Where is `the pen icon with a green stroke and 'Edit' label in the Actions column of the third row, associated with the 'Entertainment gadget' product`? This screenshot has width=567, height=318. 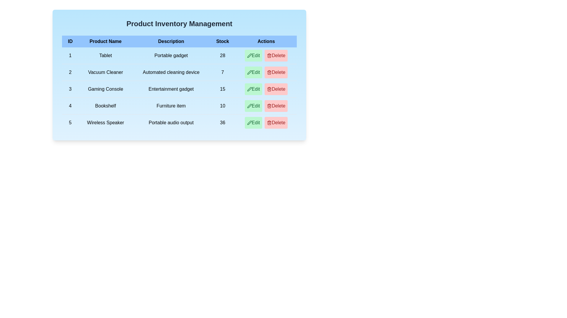
the pen icon with a green stroke and 'Edit' label in the Actions column of the third row, associated with the 'Entertainment gadget' product is located at coordinates (249, 89).